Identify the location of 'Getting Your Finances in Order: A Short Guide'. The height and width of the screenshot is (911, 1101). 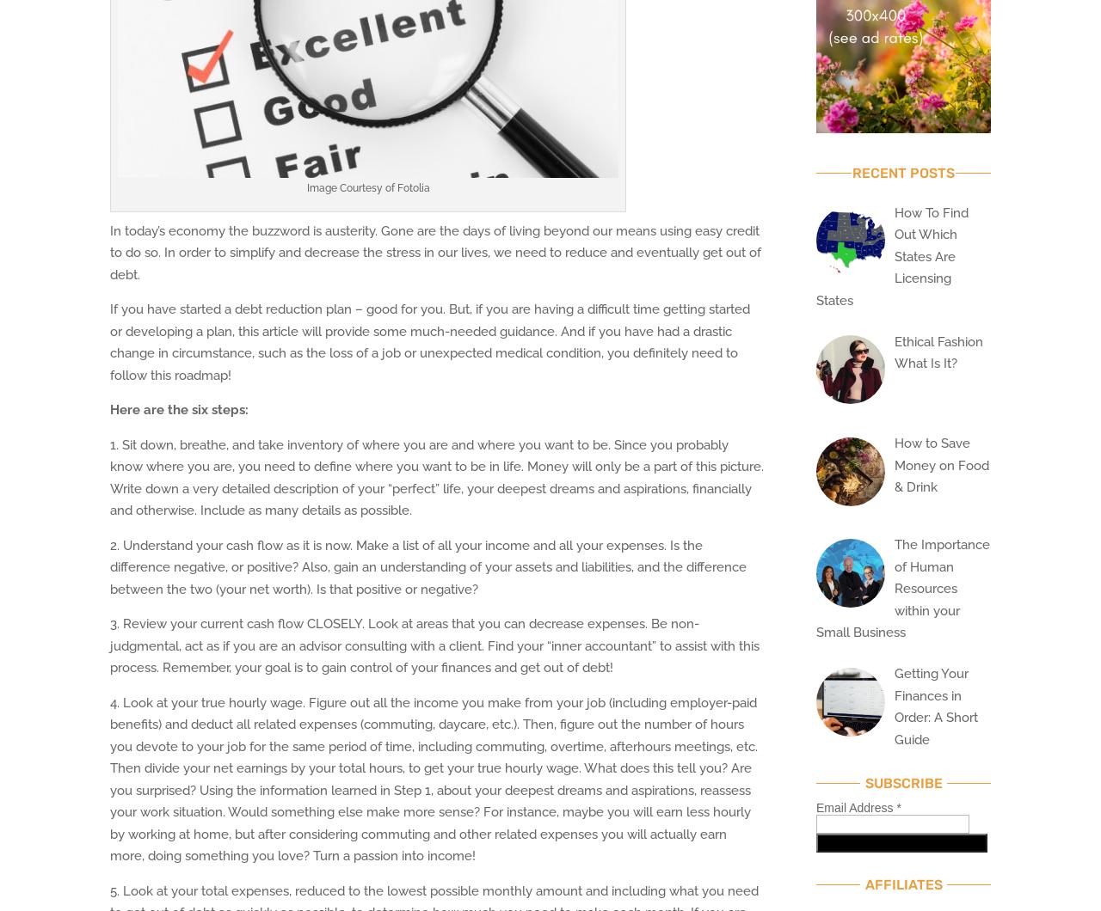
(935, 706).